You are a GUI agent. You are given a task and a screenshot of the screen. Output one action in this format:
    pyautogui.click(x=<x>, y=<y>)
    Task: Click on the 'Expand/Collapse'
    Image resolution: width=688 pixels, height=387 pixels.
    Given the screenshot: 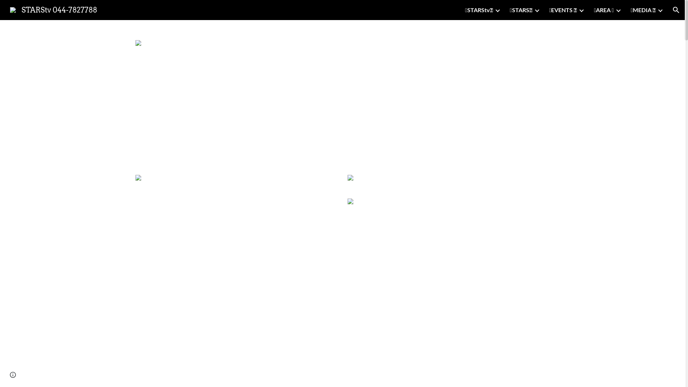 What is the action you would take?
    pyautogui.click(x=536, y=10)
    